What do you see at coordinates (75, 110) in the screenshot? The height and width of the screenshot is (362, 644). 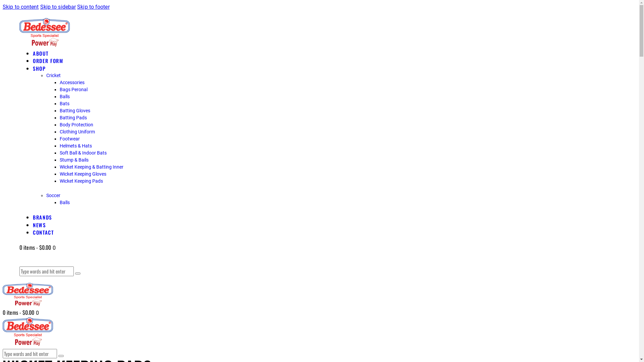 I see `'Batting Gloves'` at bounding box center [75, 110].